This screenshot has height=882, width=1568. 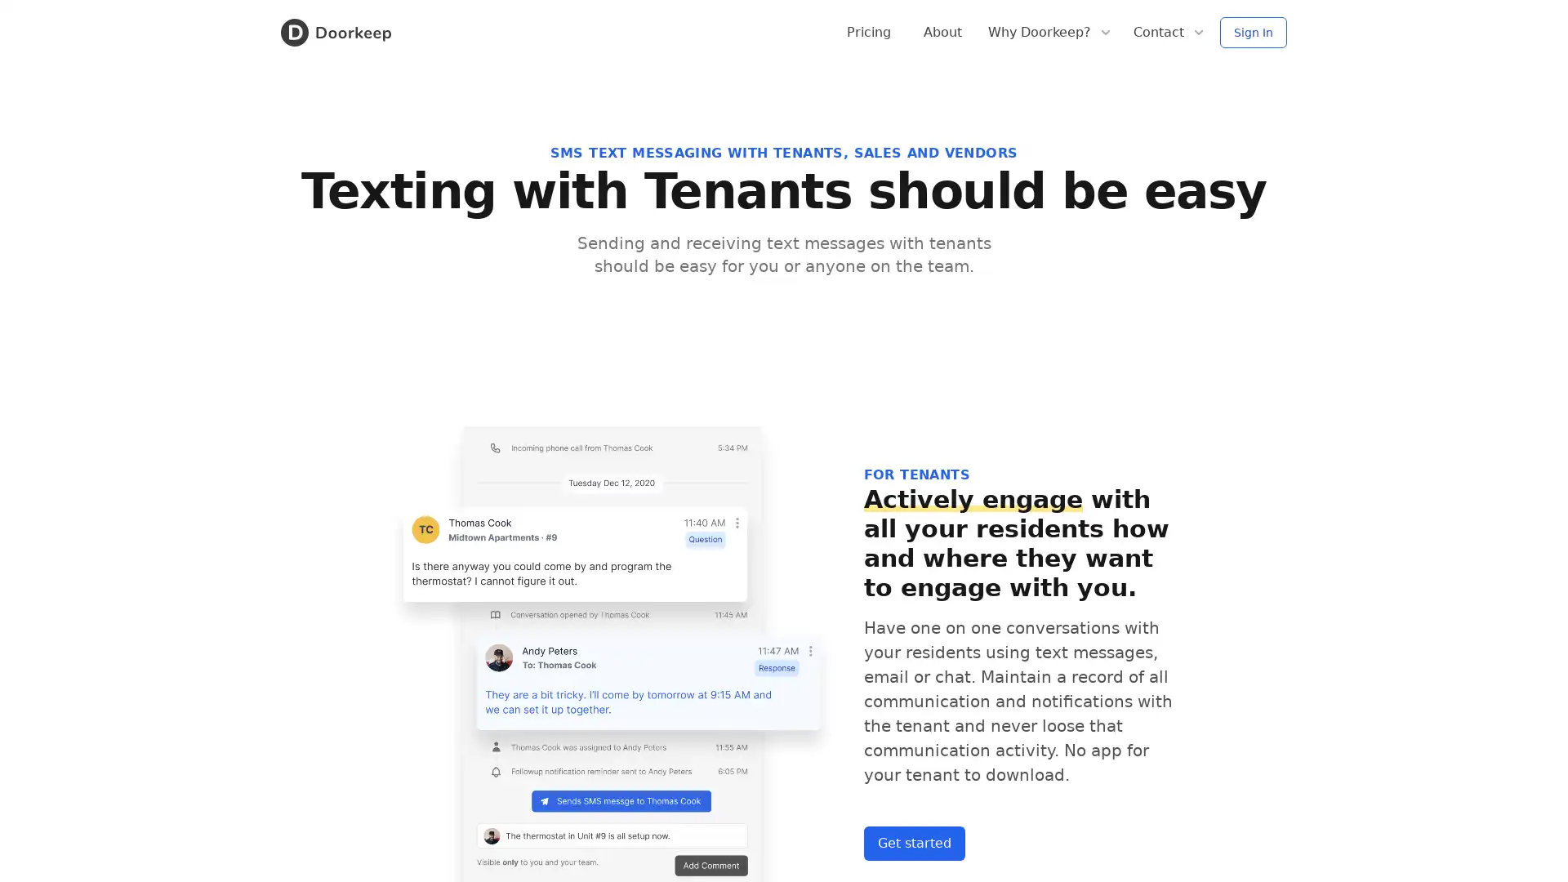 What do you see at coordinates (1169, 32) in the screenshot?
I see `Contact` at bounding box center [1169, 32].